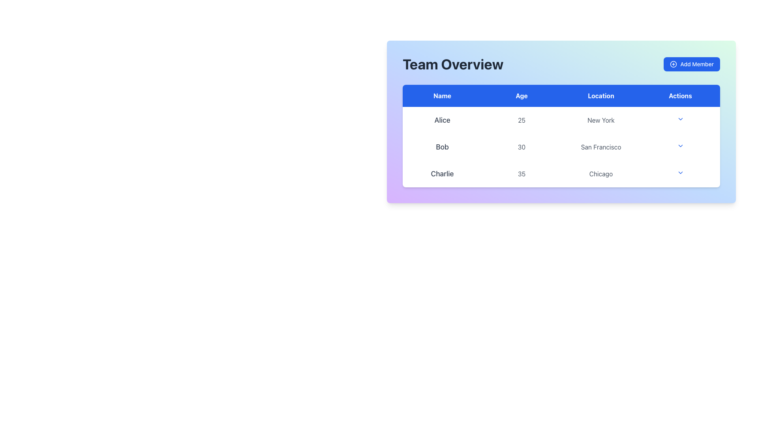  I want to click on the 'Name' column header text label, so click(442, 95).